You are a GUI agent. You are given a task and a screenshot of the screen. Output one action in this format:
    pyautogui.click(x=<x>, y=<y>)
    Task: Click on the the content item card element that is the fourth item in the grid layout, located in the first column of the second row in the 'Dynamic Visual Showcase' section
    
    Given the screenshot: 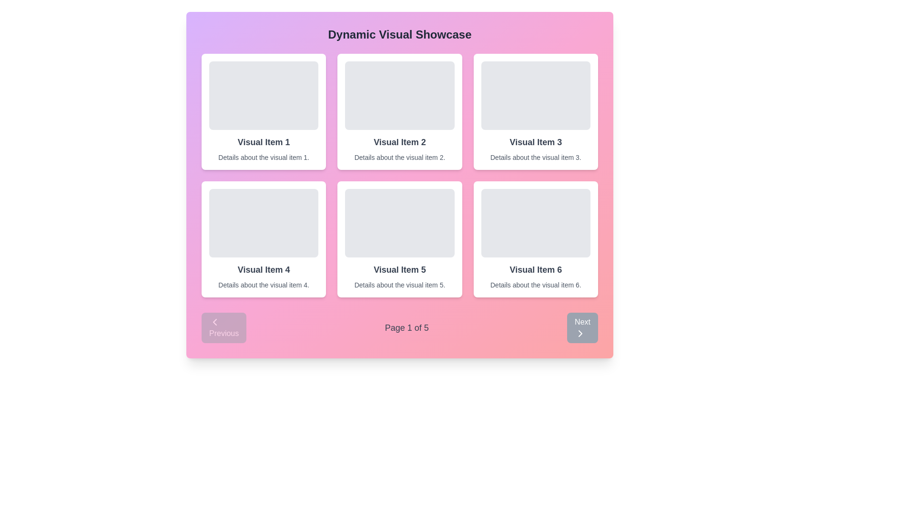 What is the action you would take?
    pyautogui.click(x=264, y=238)
    